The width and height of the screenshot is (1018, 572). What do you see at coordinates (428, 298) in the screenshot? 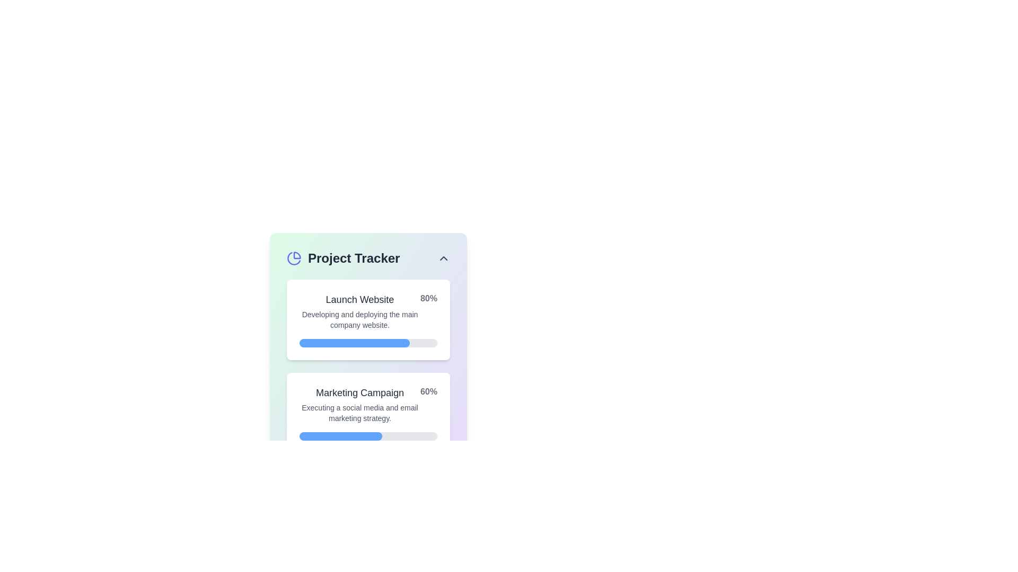
I see `the text label displaying '80%' in bold gray font, located at the top-right corner of the task card for 'Launch Website'` at bounding box center [428, 298].